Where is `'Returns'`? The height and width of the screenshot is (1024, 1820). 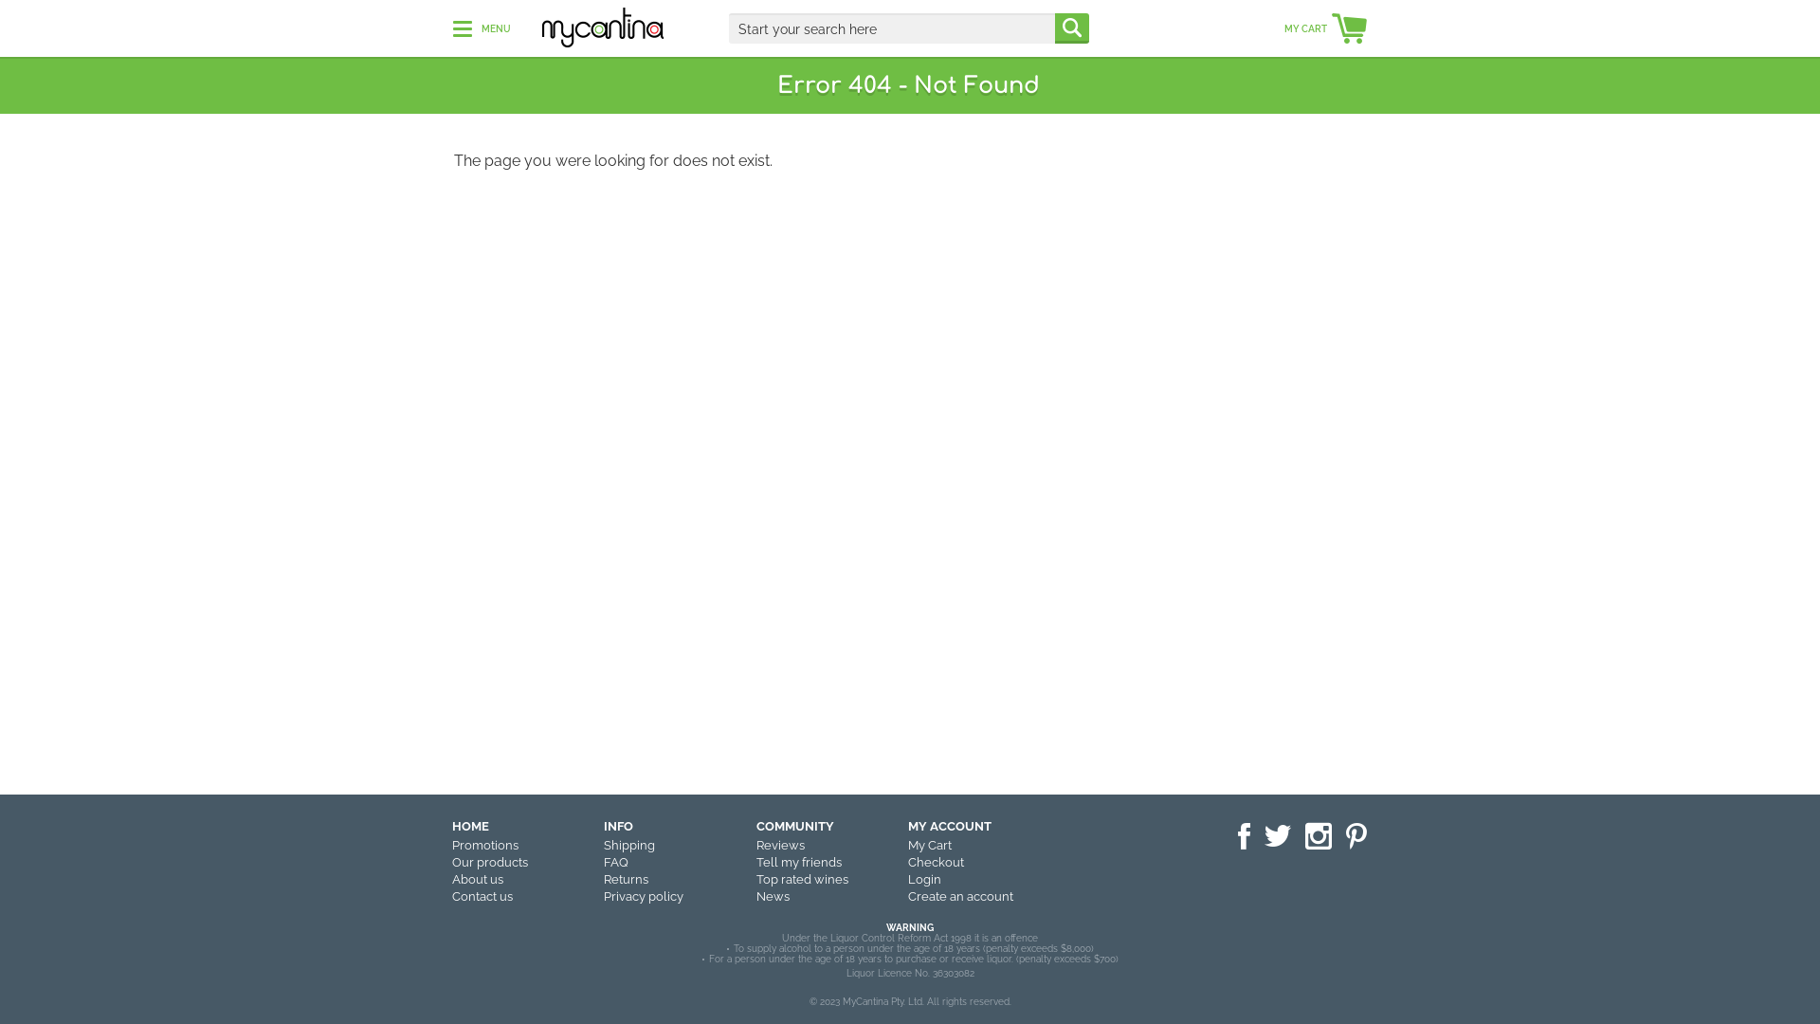 'Returns' is located at coordinates (626, 879).